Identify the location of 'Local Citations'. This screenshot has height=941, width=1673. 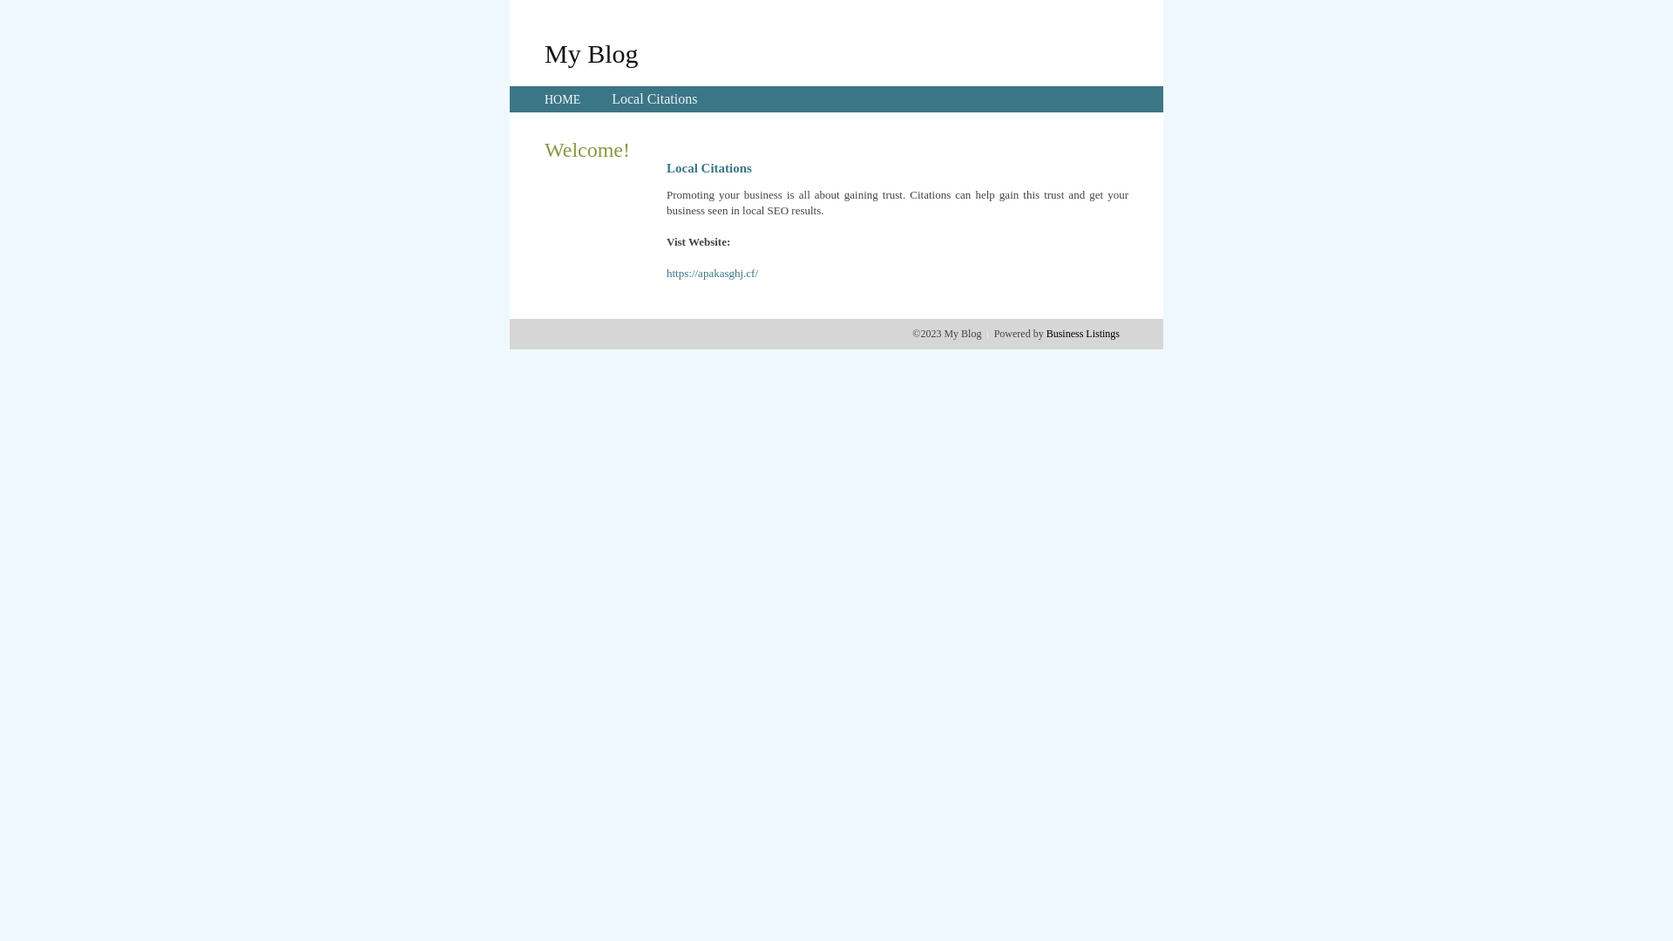
(653, 98).